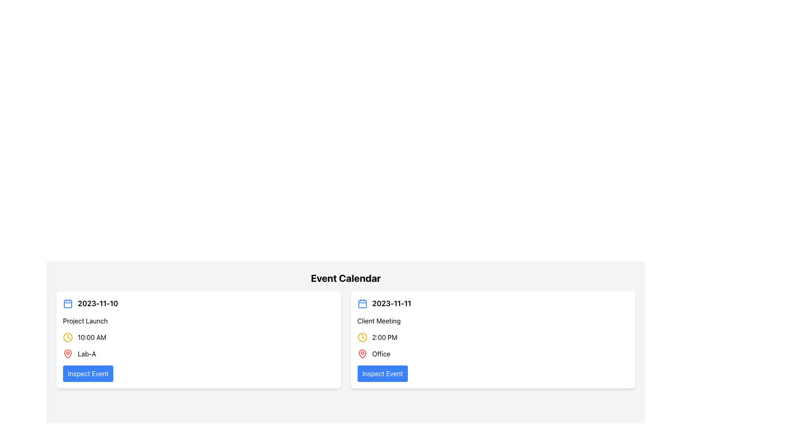  I want to click on the circular outline of the clock face in the event information card for 'Project Launch' on '2023-11-10', located above the time '10:00 AM', so click(68, 337).